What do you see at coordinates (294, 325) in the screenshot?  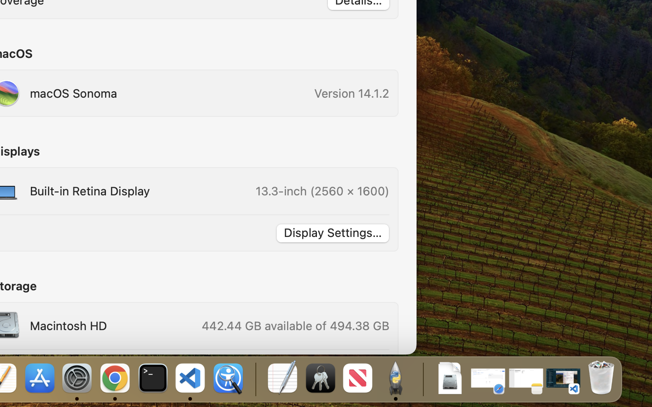 I see `'442.44 GB available of 494.38 GB'` at bounding box center [294, 325].